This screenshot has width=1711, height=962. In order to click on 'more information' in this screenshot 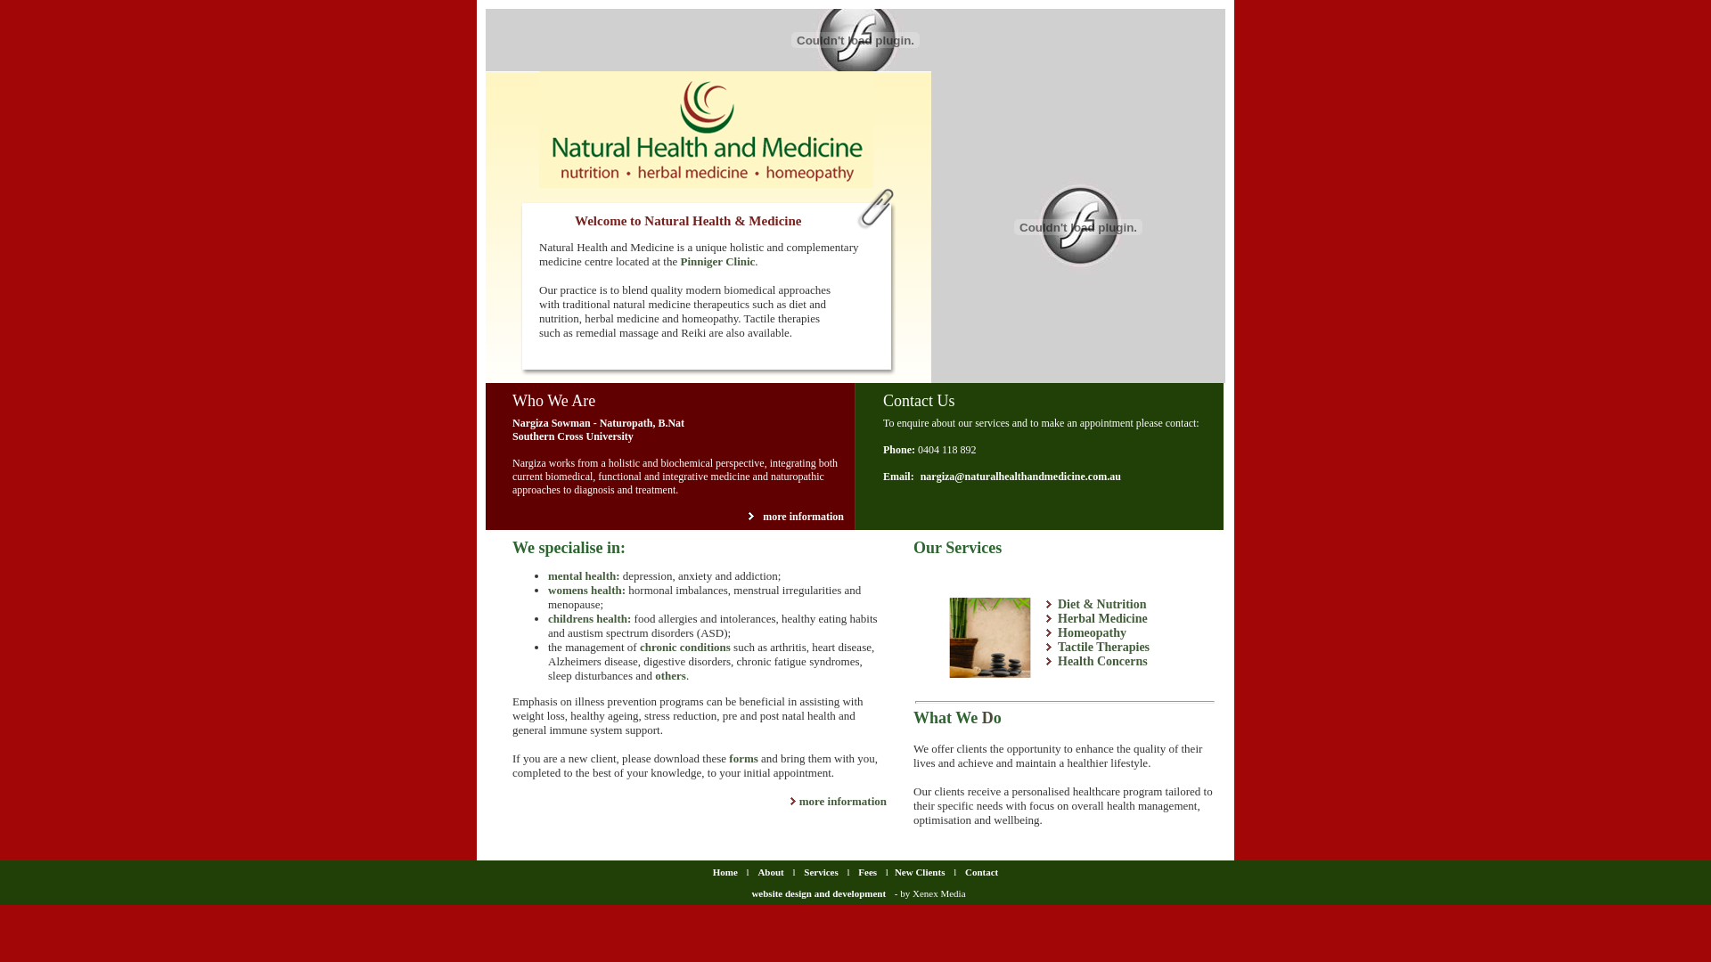, I will do `click(802, 516)`.